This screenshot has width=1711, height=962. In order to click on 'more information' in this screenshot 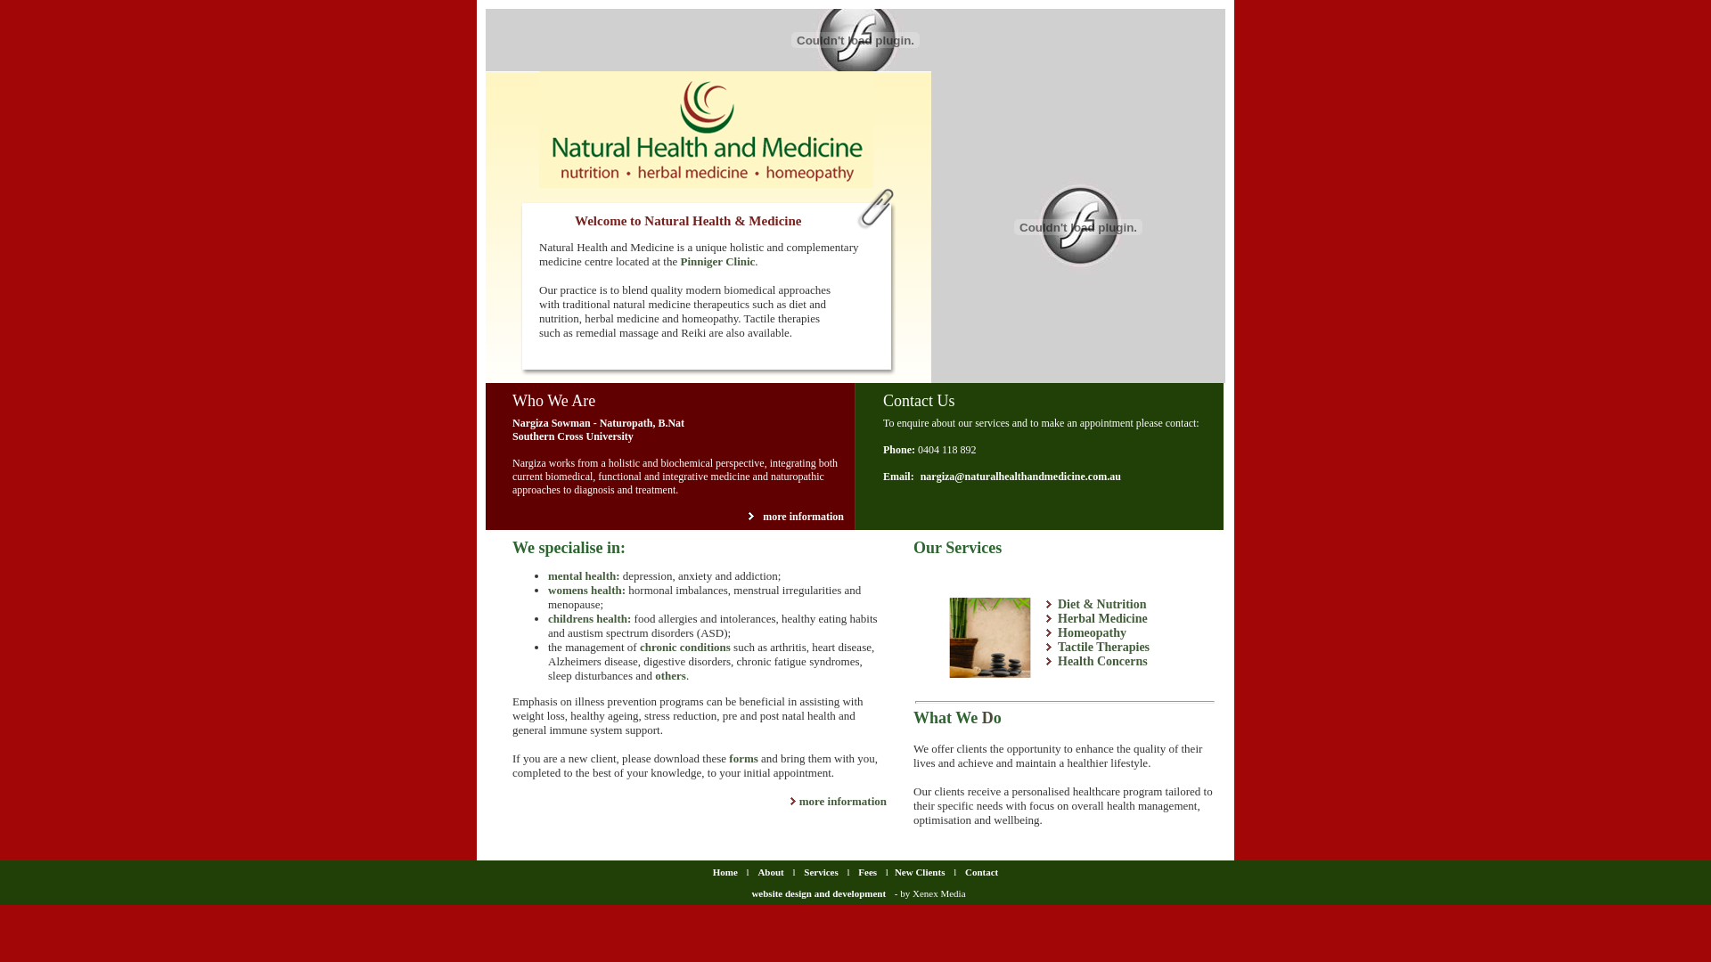, I will do `click(802, 516)`.